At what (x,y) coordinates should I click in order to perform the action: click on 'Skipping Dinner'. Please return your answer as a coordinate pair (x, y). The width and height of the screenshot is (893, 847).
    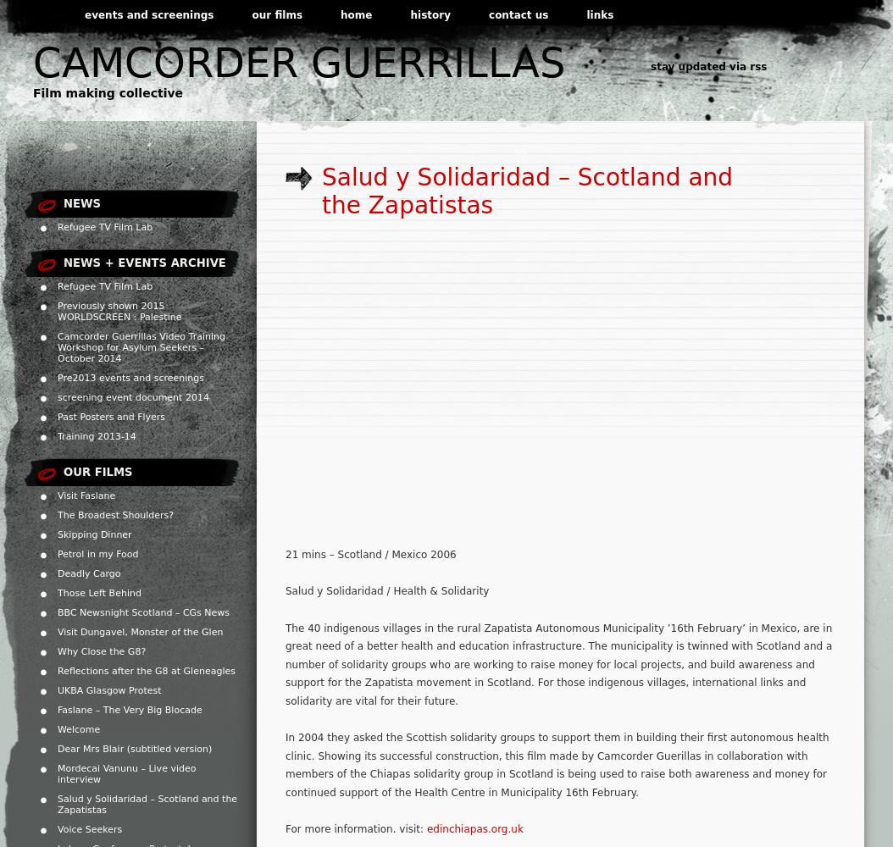
    Looking at the image, I should click on (94, 534).